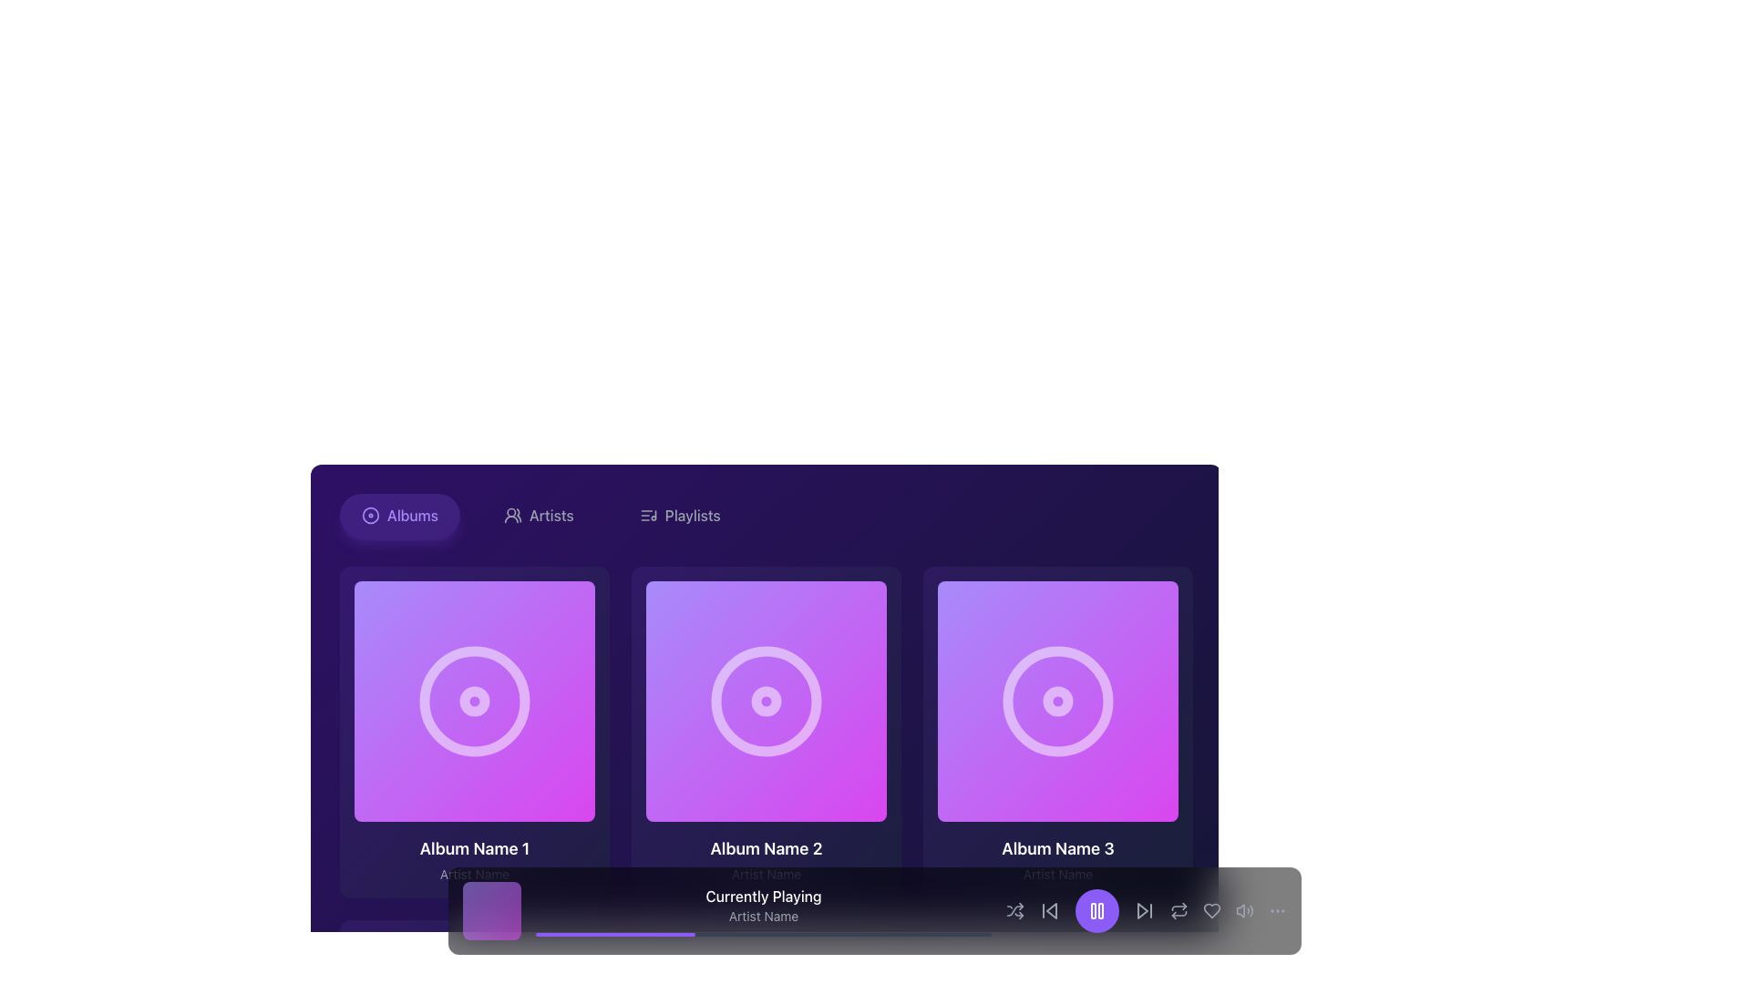 This screenshot has width=1750, height=984. Describe the element at coordinates (1014, 910) in the screenshot. I see `the shuffle playback button, which is the first icon to the left in the playback control bar` at that location.